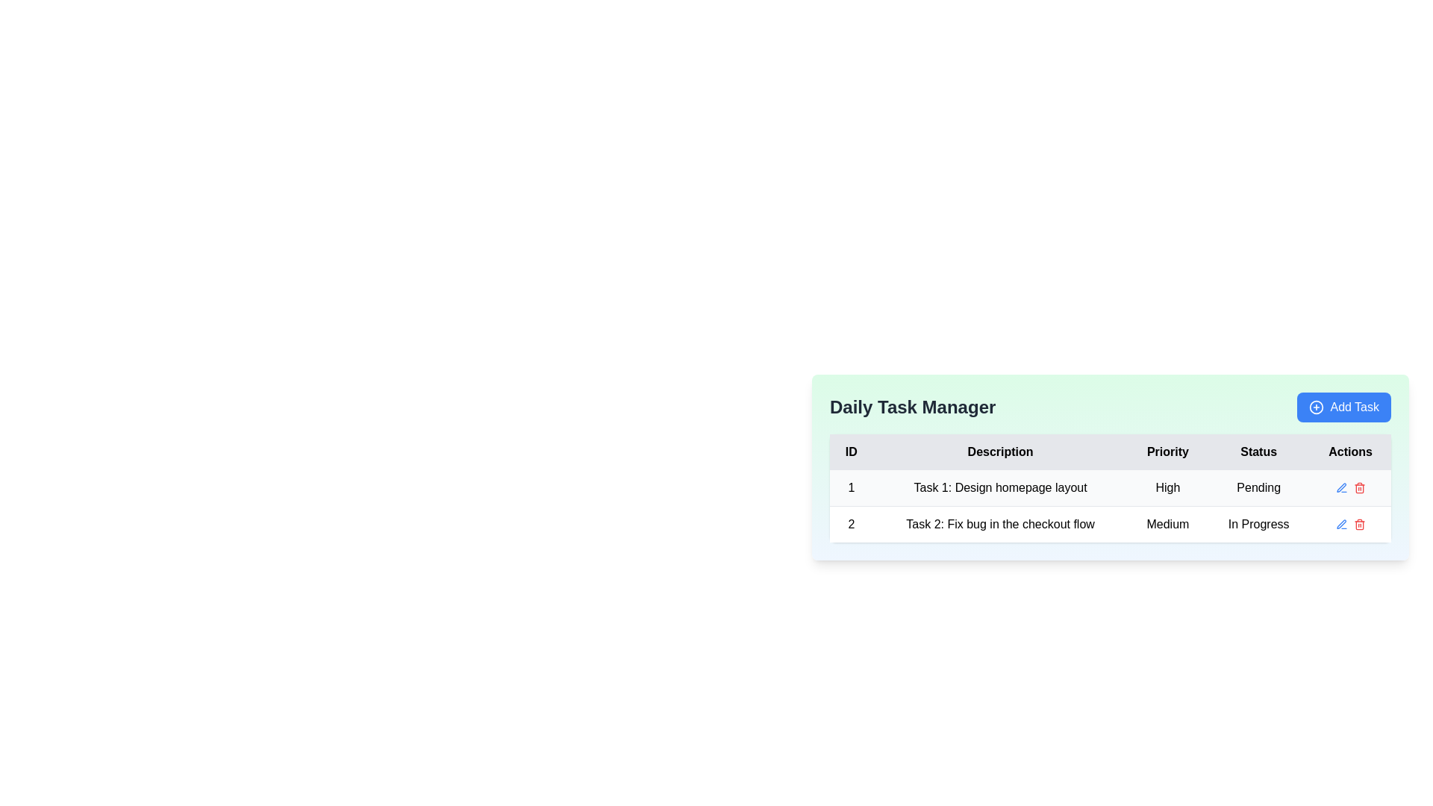 This screenshot has width=1433, height=806. I want to click on the 'Status' column header in the table, which is the fourth header with light gray background and bold black text, located between the 'Priority' and 'Actions' columns, so click(1258, 451).